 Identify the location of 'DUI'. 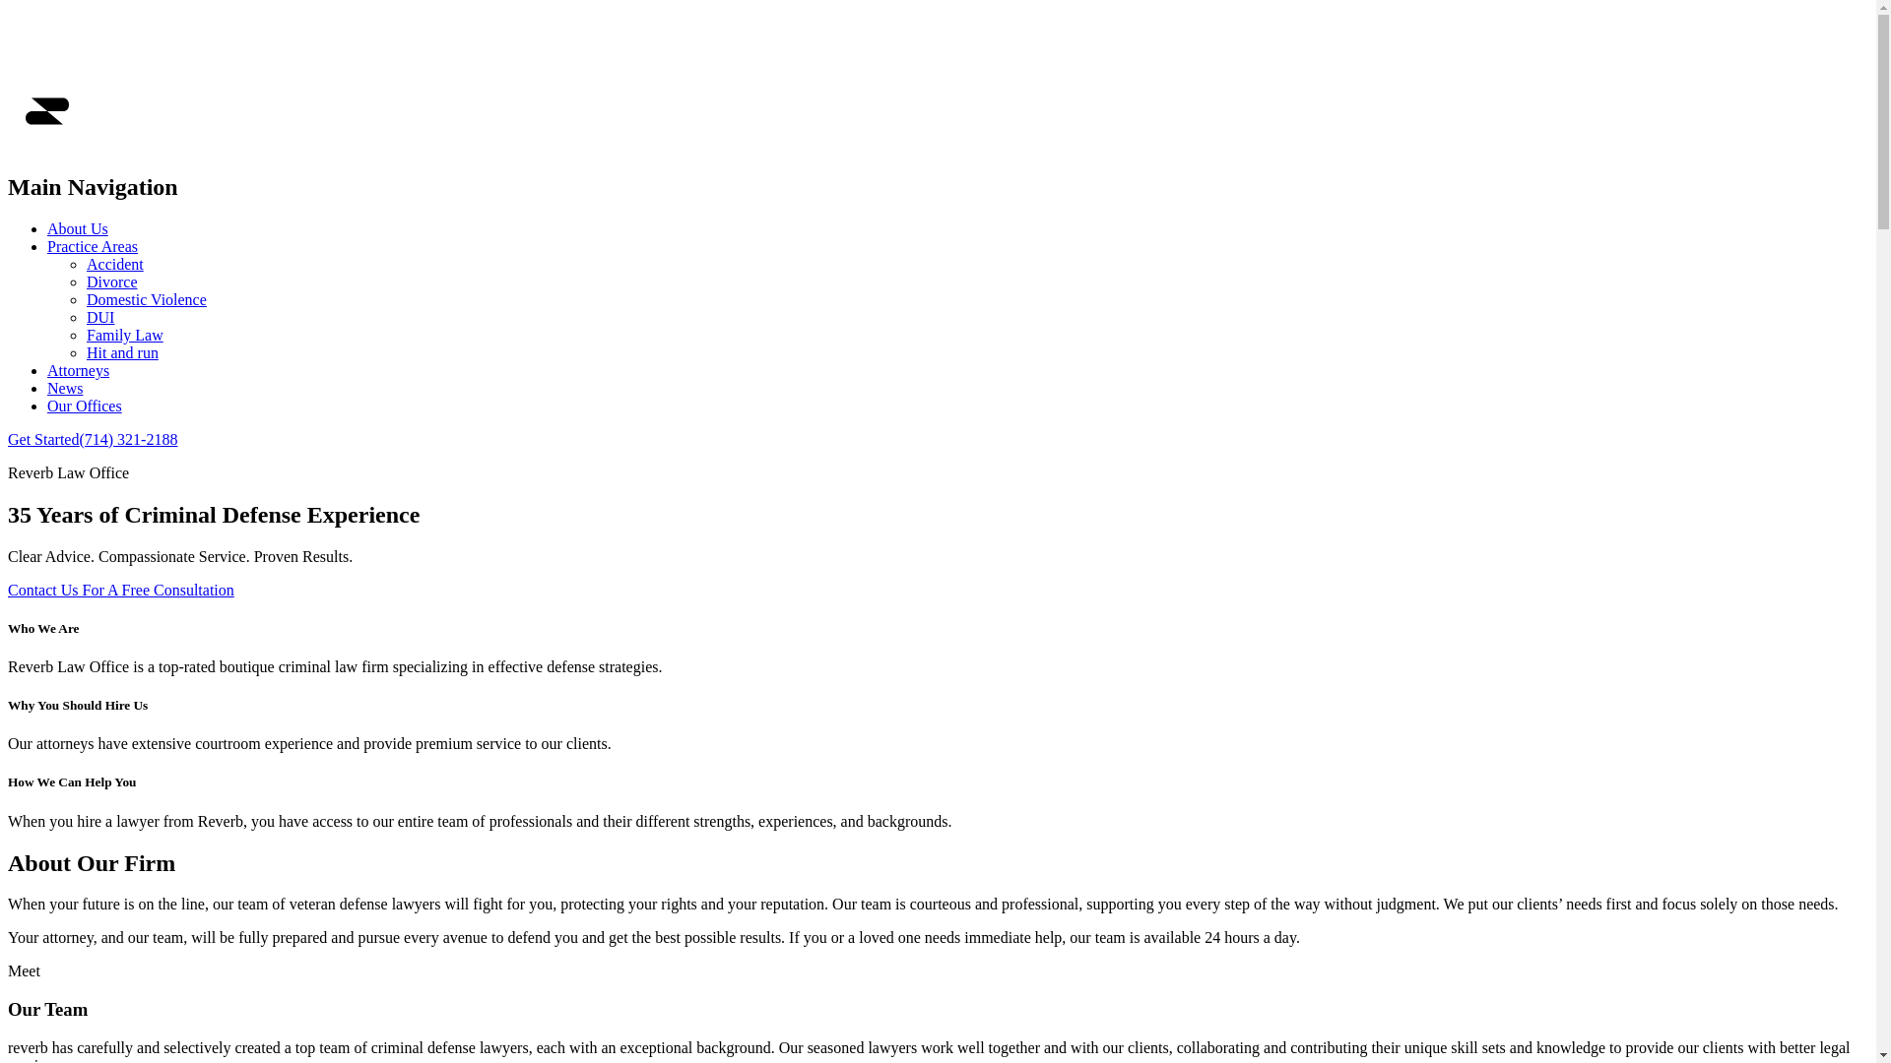
(98, 316).